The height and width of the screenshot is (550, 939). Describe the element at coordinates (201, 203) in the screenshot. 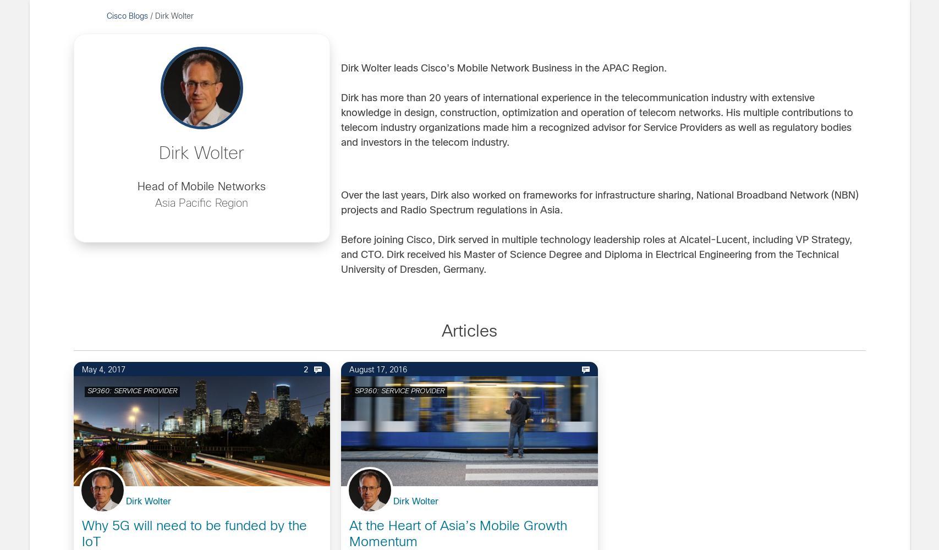

I see `'Asia Pacific Region'` at that location.